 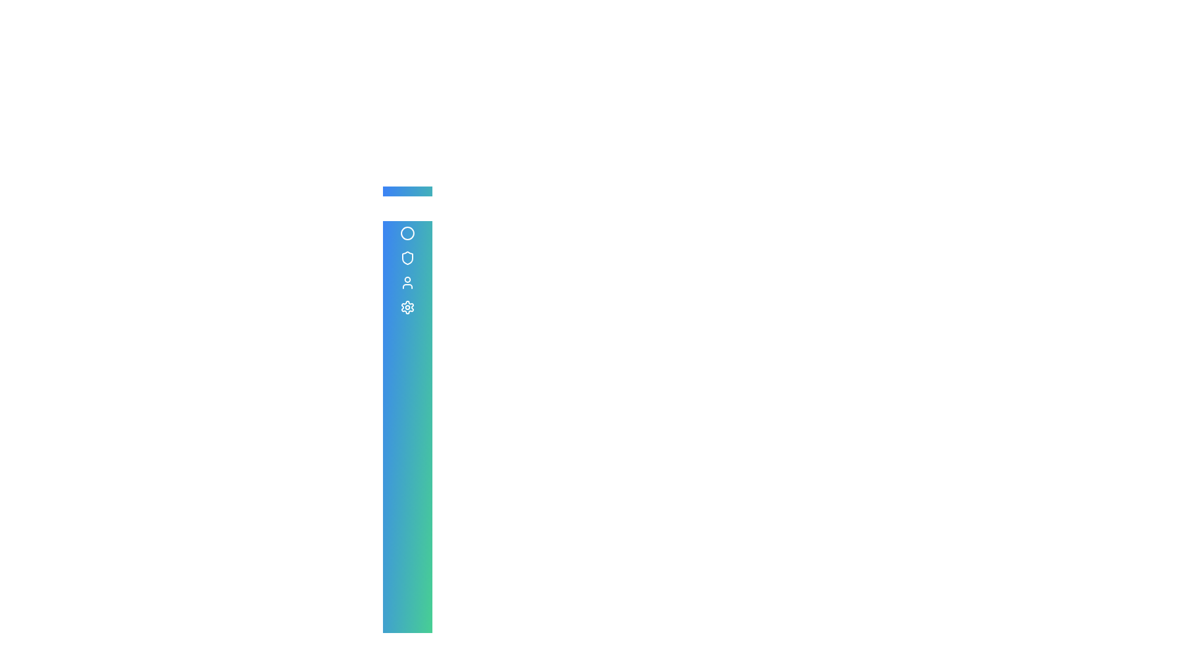 What do you see at coordinates (408, 233) in the screenshot?
I see `the circular outlined icon button located at the top of the vertical list in the gradient blue-to-green sidebar` at bounding box center [408, 233].